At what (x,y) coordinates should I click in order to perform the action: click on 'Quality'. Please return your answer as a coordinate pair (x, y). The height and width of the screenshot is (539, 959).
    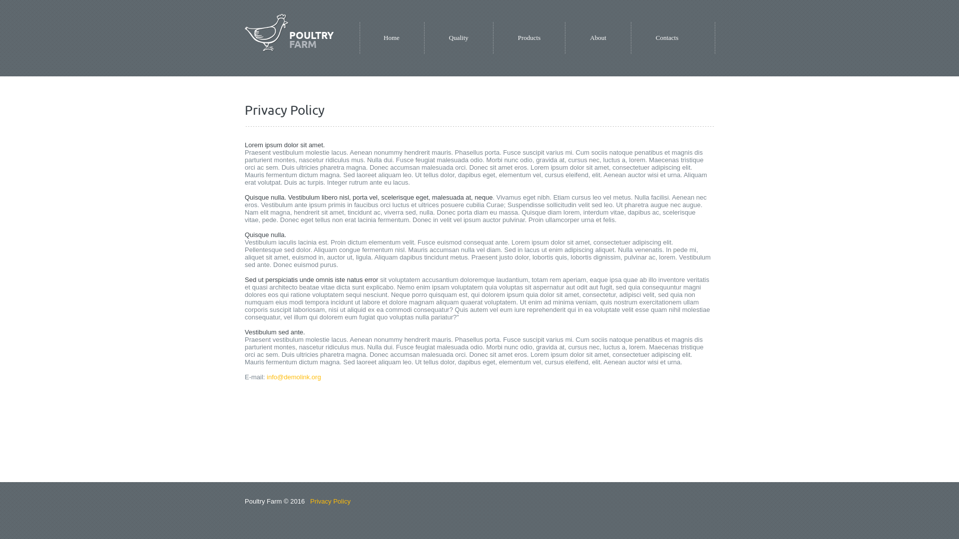
    Looking at the image, I should click on (448, 37).